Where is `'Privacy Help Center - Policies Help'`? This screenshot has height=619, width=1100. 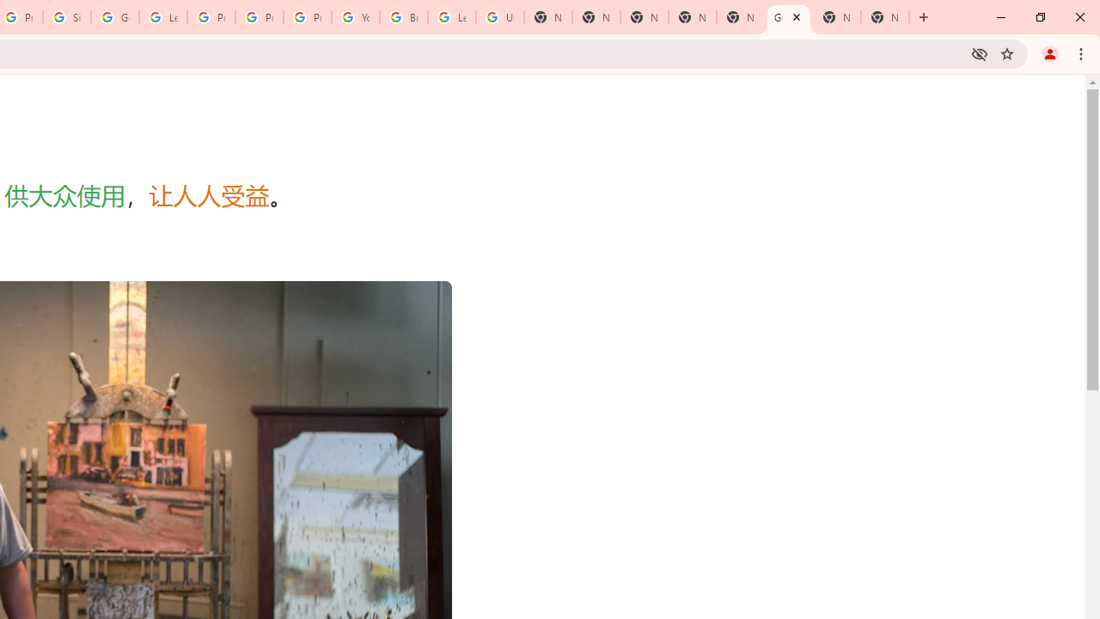 'Privacy Help Center - Policies Help' is located at coordinates (210, 17).